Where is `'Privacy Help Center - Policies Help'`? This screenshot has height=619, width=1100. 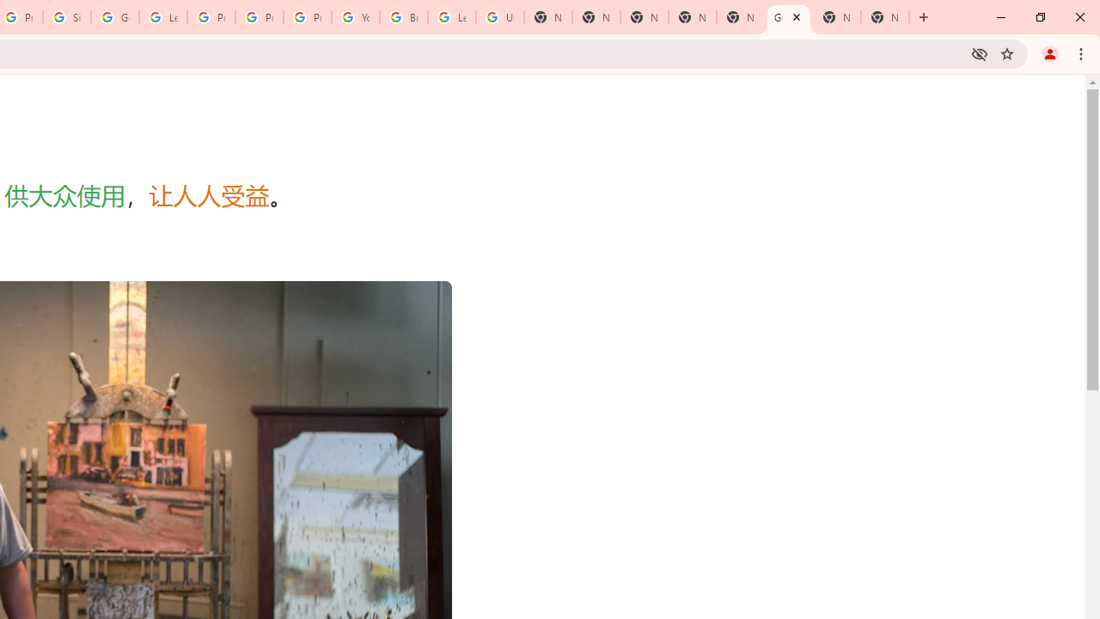 'Privacy Help Center - Policies Help' is located at coordinates (210, 17).